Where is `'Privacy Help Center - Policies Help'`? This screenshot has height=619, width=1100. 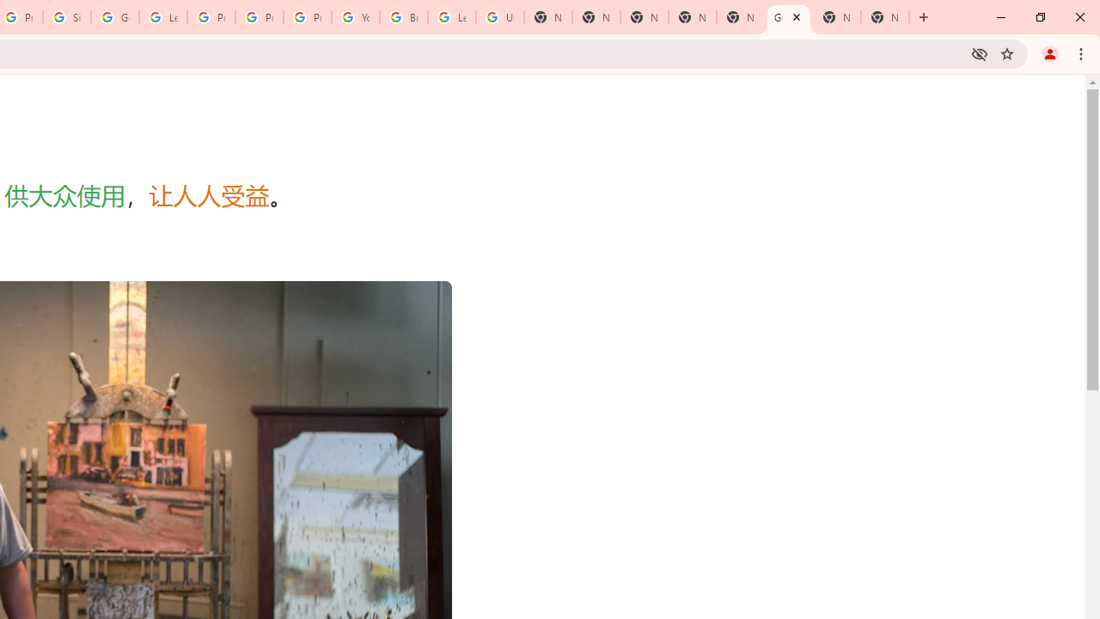 'Privacy Help Center - Policies Help' is located at coordinates (210, 17).